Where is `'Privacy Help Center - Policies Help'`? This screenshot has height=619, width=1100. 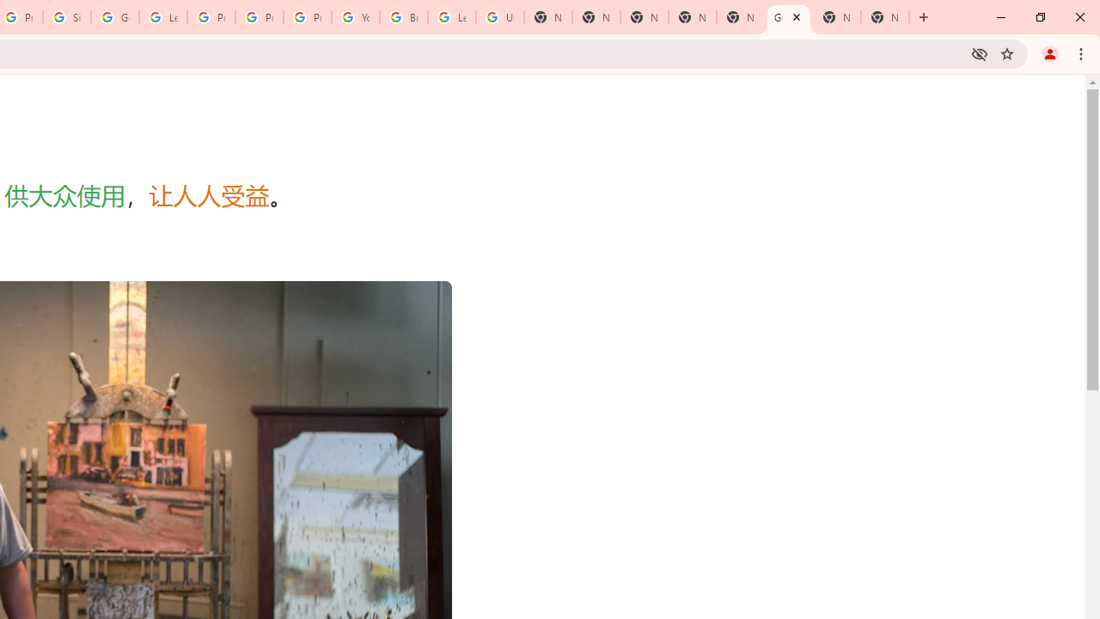 'Privacy Help Center - Policies Help' is located at coordinates (210, 17).